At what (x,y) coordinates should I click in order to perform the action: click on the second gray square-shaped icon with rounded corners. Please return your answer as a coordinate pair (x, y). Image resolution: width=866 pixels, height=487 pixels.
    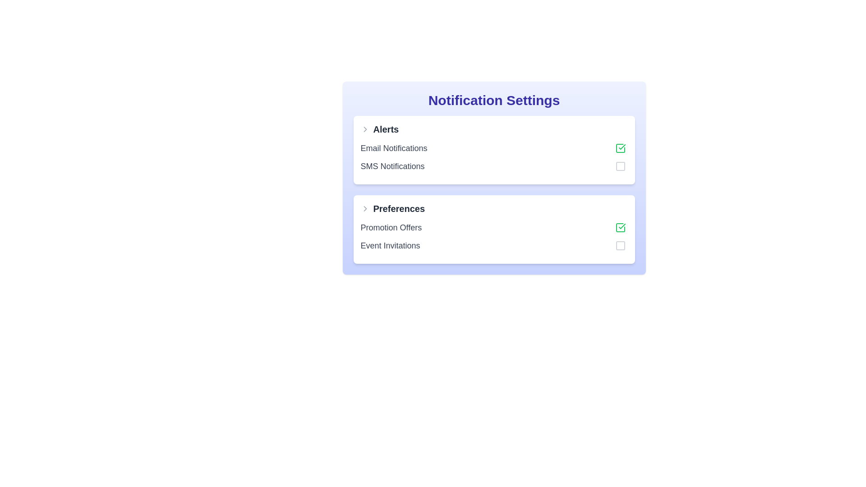
    Looking at the image, I should click on (620, 166).